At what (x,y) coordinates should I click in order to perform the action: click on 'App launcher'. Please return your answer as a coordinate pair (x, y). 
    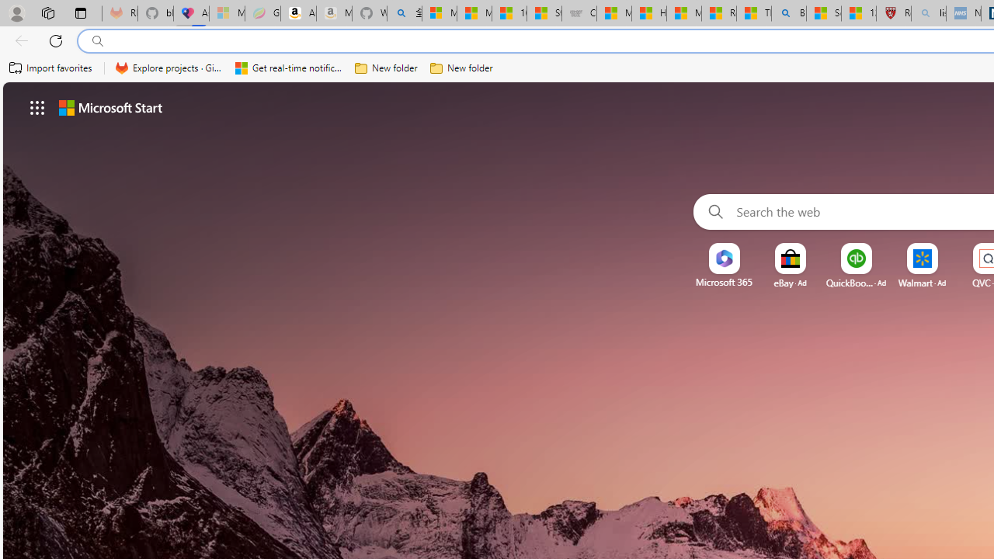
    Looking at the image, I should click on (37, 106).